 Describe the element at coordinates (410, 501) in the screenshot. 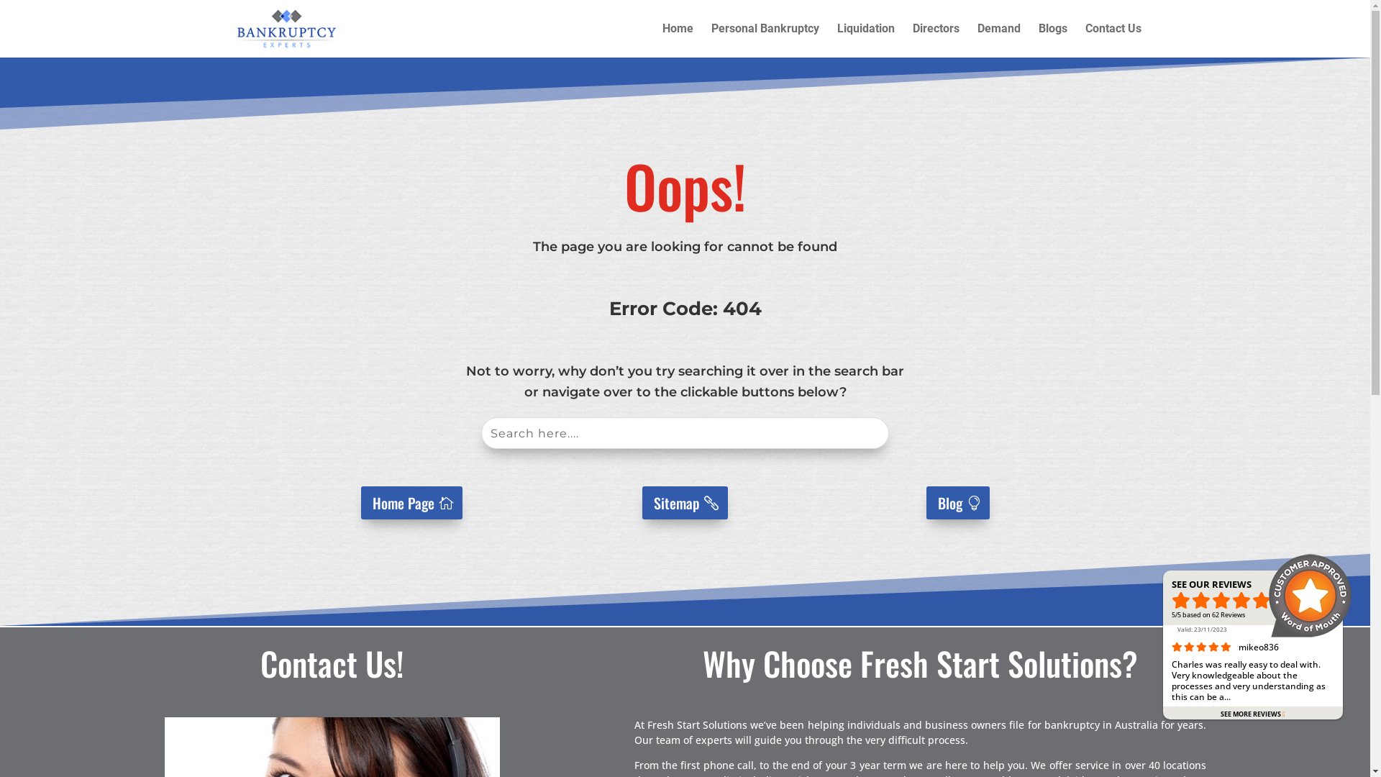

I see `'Home Page'` at that location.